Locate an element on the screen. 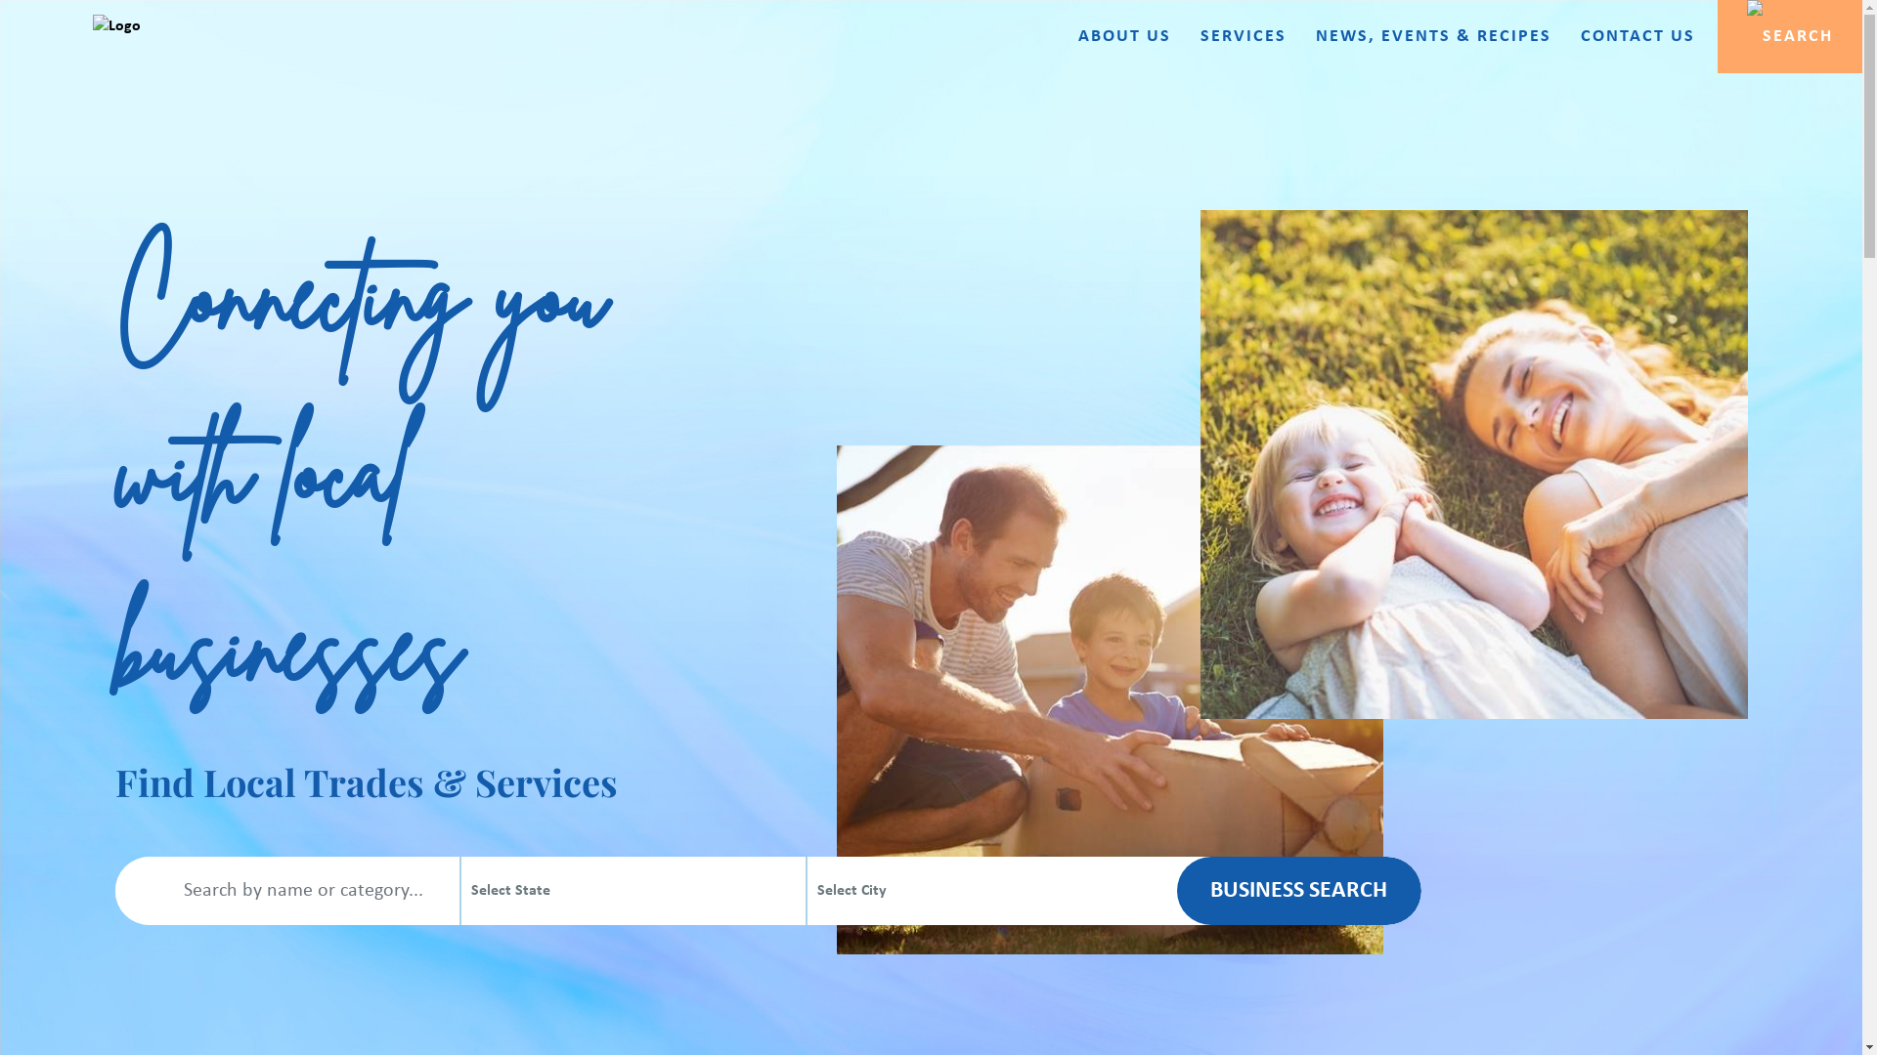  'NEWS, EVENTS & RECIPES' is located at coordinates (1433, 37).